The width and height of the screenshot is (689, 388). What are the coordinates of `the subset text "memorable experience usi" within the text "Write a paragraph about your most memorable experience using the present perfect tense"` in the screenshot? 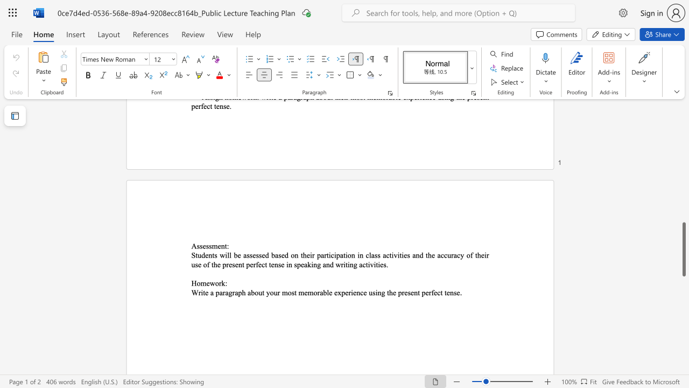 It's located at (298, 293).